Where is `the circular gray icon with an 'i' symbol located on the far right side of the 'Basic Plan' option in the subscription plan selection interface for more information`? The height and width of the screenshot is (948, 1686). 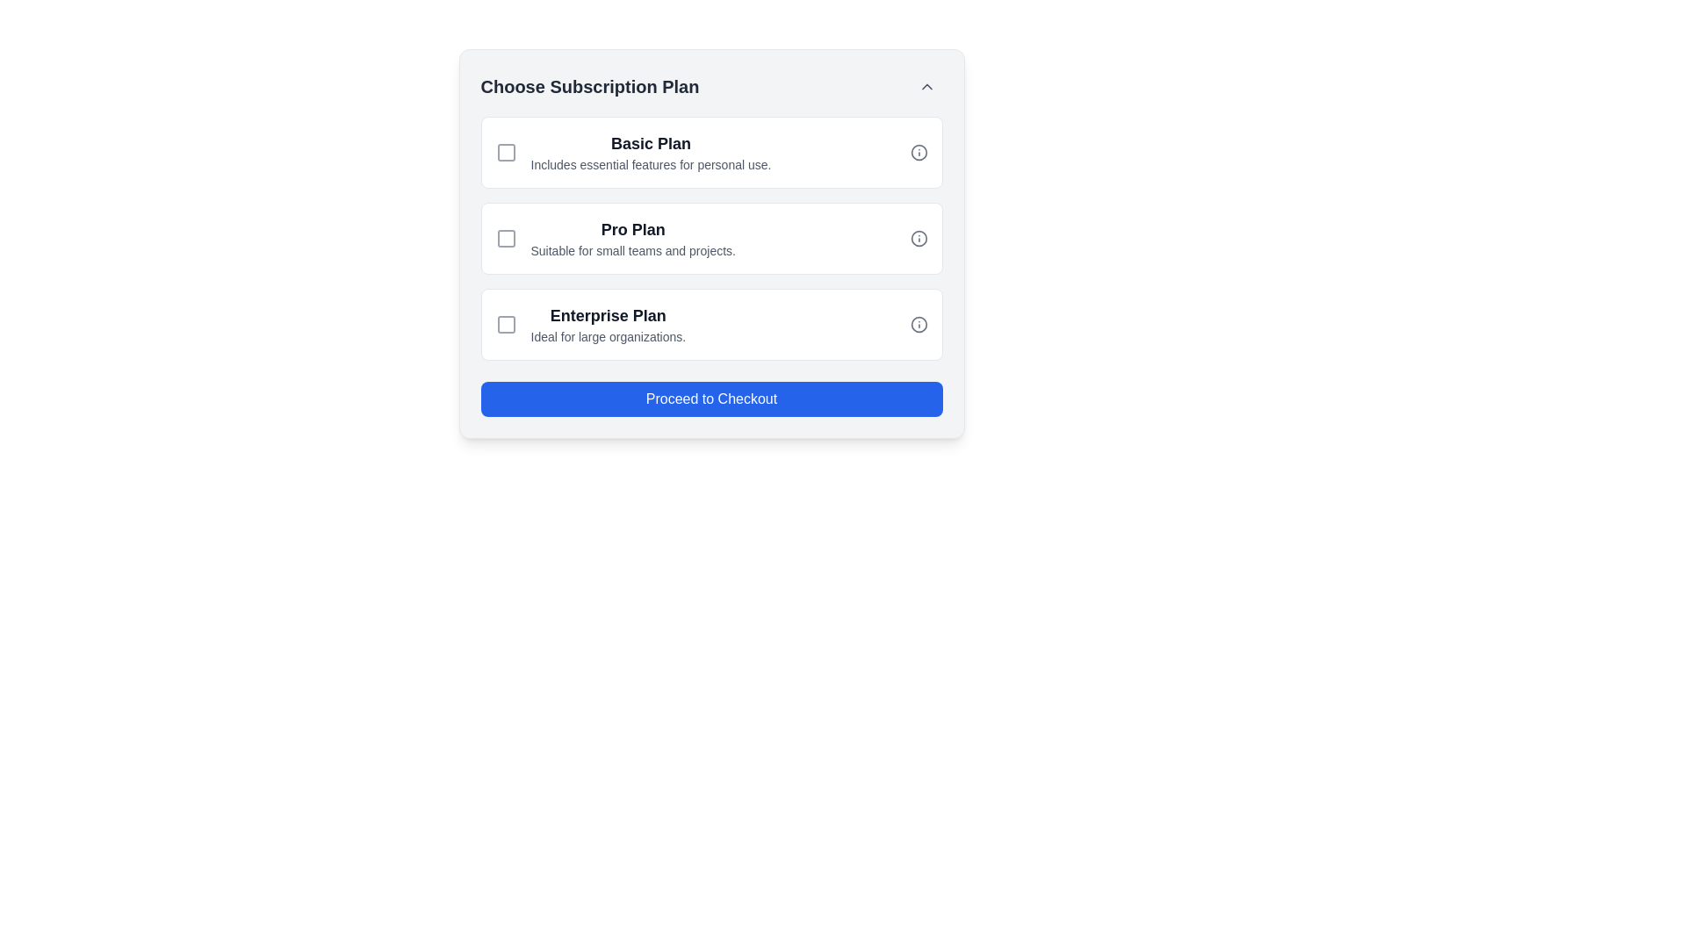 the circular gray icon with an 'i' symbol located on the far right side of the 'Basic Plan' option in the subscription plan selection interface for more information is located at coordinates (918, 151).